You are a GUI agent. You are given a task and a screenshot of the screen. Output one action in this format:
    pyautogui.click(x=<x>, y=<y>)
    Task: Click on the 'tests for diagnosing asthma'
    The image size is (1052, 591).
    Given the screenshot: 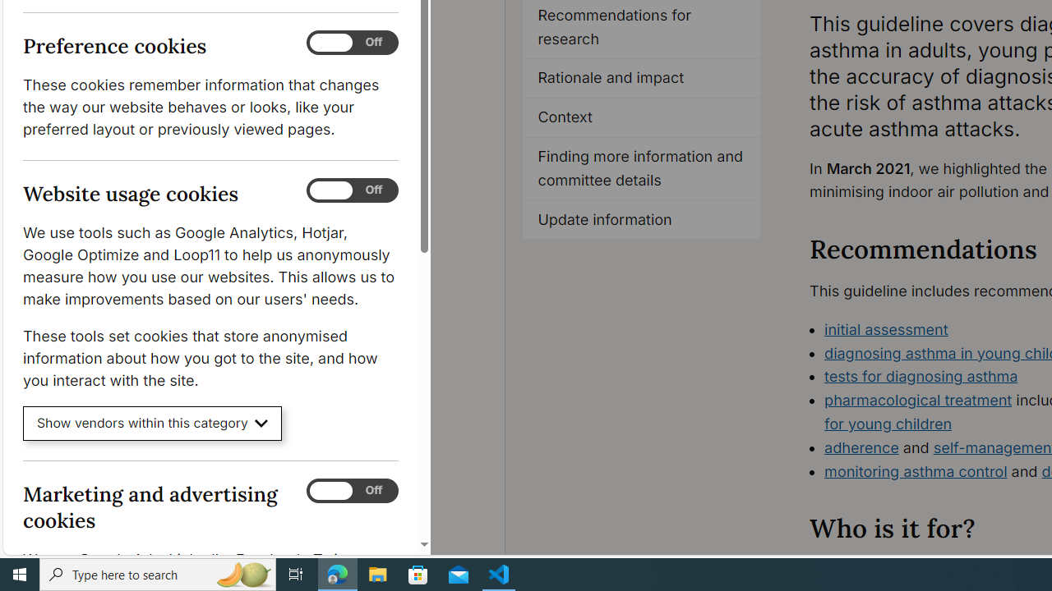 What is the action you would take?
    pyautogui.click(x=921, y=376)
    